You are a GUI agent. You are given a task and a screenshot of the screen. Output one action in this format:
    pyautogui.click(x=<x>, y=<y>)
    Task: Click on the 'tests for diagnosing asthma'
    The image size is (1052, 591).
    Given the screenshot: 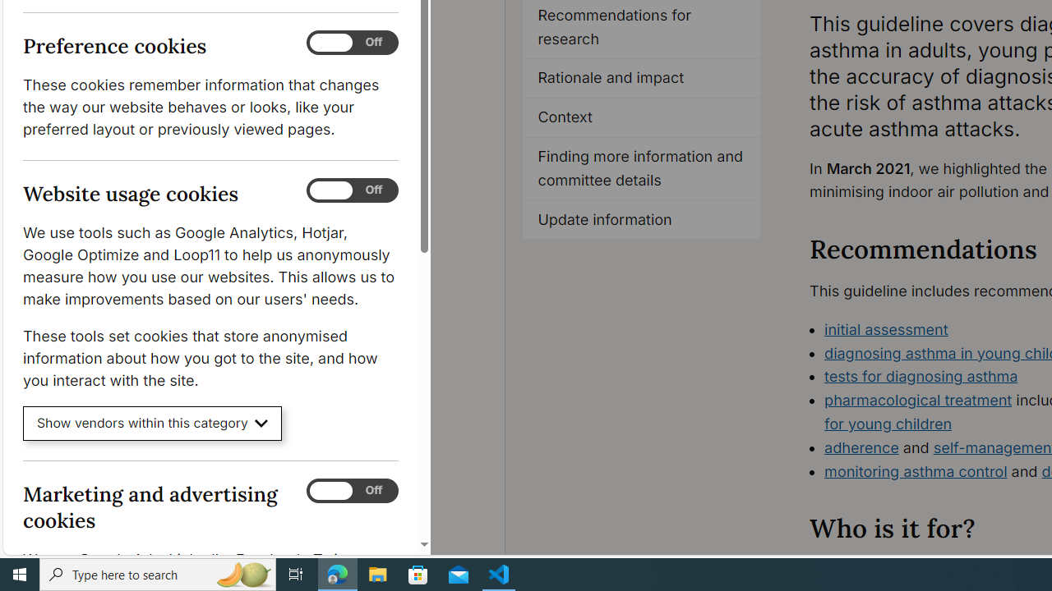 What is the action you would take?
    pyautogui.click(x=921, y=376)
    